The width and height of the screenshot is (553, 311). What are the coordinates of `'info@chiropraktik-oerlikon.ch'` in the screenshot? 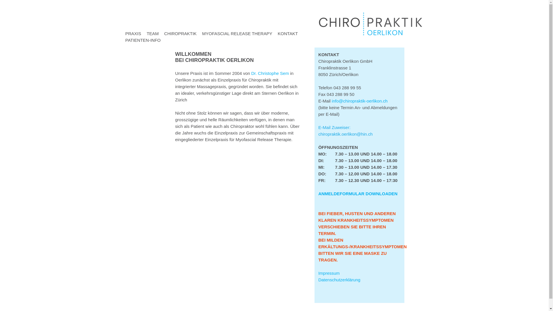 It's located at (359, 100).